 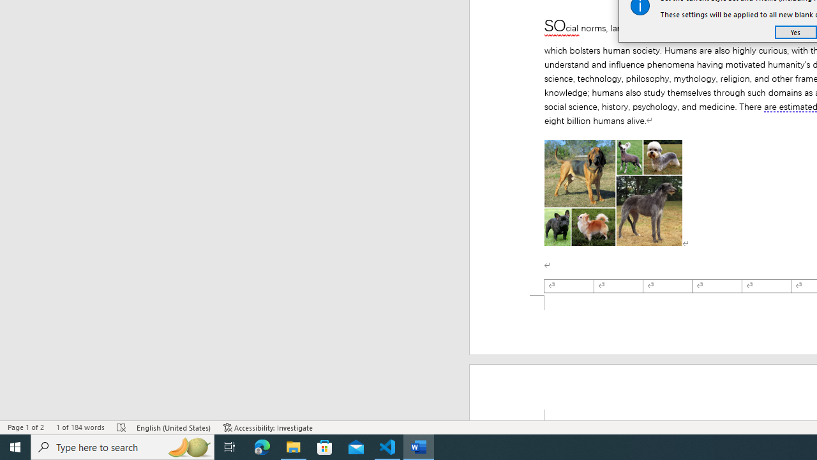 I want to click on 'Microsoft Store', so click(x=325, y=446).